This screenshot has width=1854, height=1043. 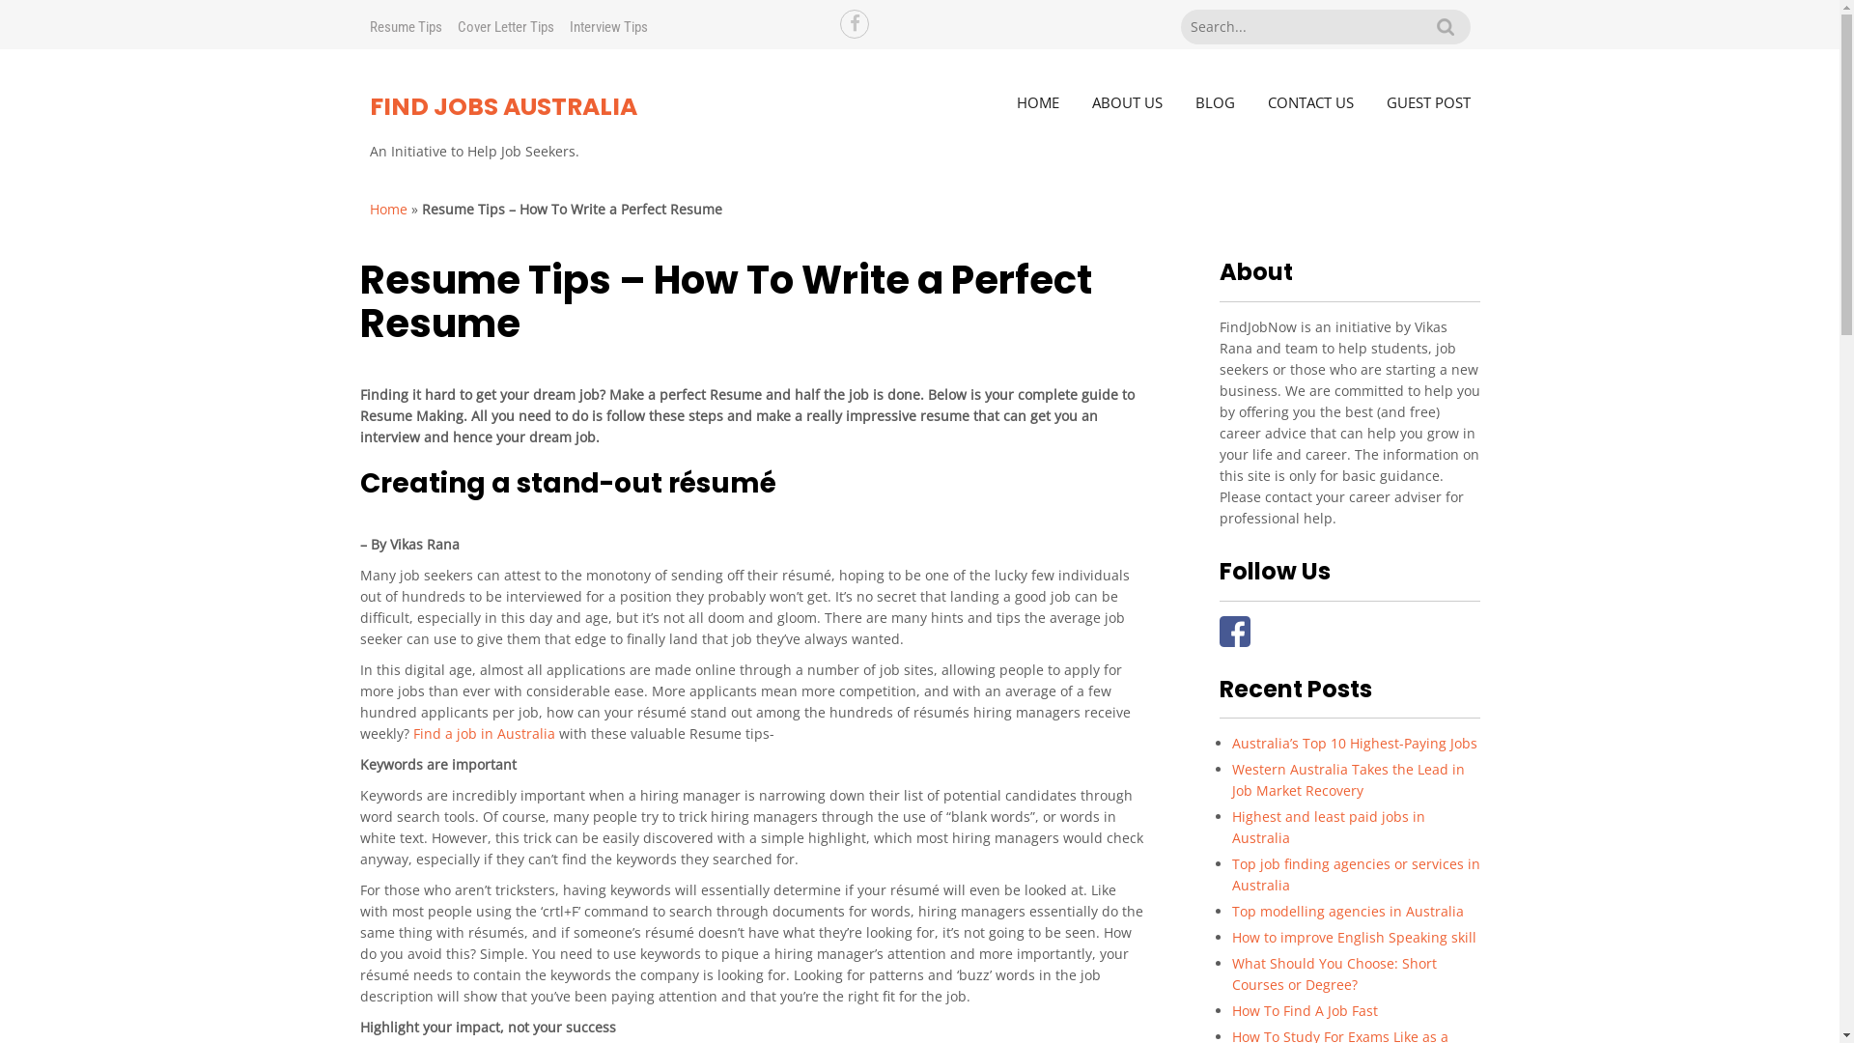 I want to click on 'How to improve English Speaking skill', so click(x=1353, y=936).